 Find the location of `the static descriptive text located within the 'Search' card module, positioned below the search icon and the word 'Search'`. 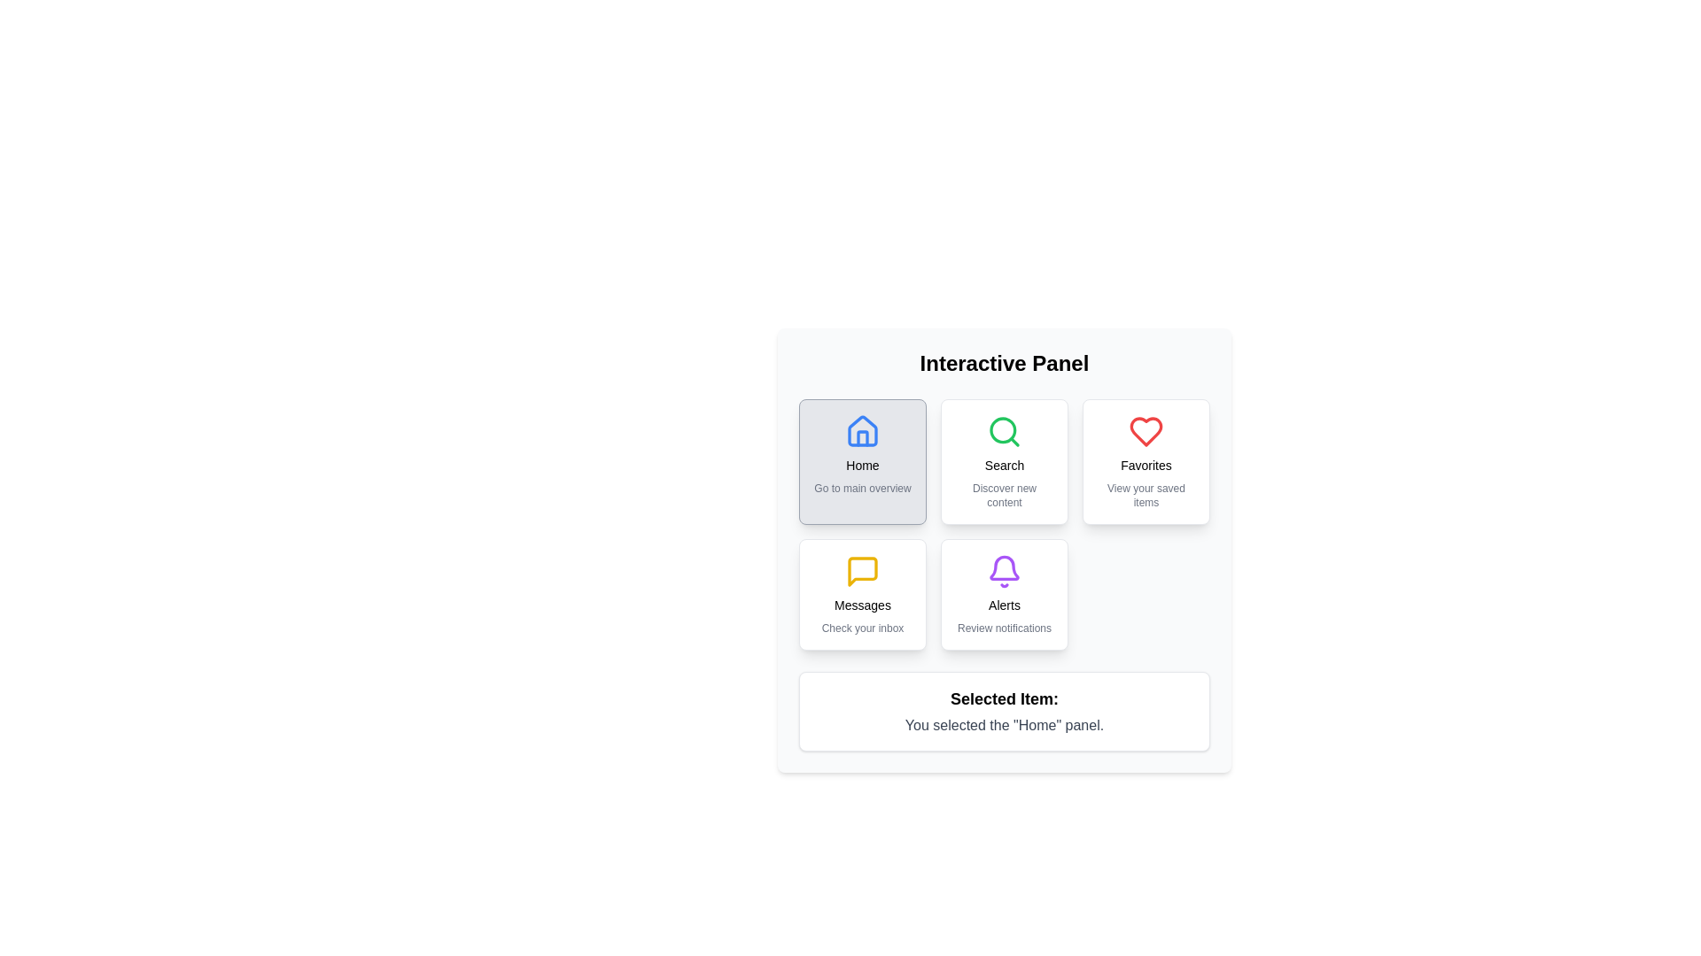

the static descriptive text located within the 'Search' card module, positioned below the search icon and the word 'Search' is located at coordinates (1004, 495).